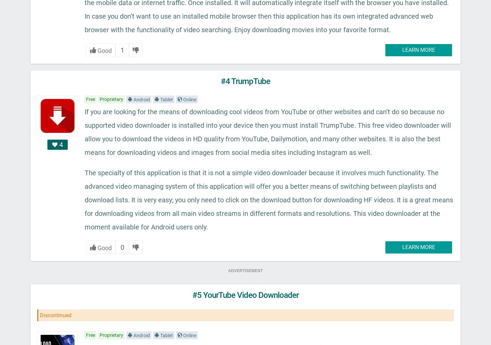  What do you see at coordinates (245, 81) in the screenshot?
I see `'#4 TrumpTube'` at bounding box center [245, 81].